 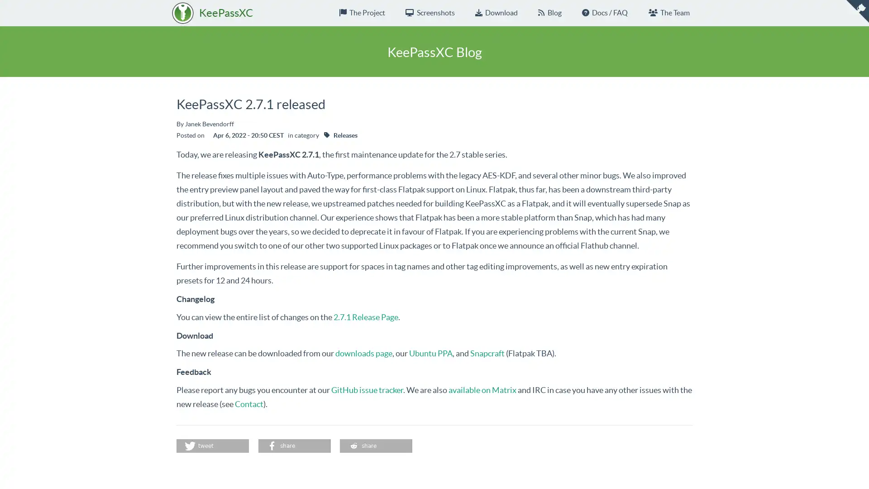 I want to click on Share on Facebook, so click(x=294, y=445).